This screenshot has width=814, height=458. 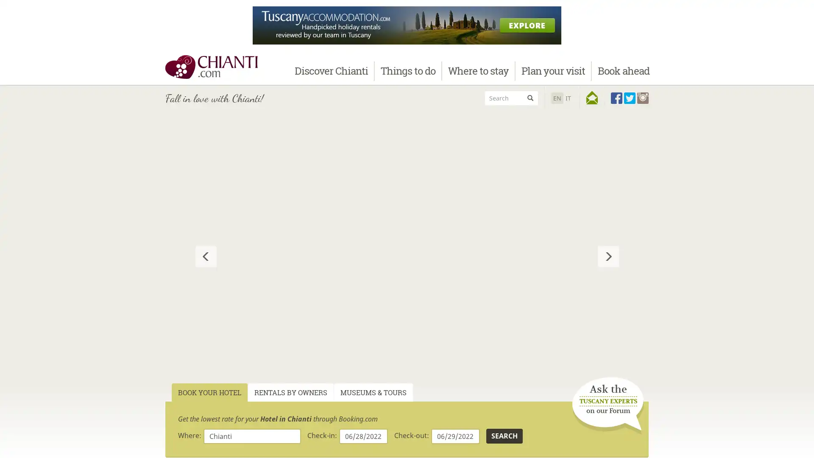 I want to click on Book ahead, so click(x=623, y=70).